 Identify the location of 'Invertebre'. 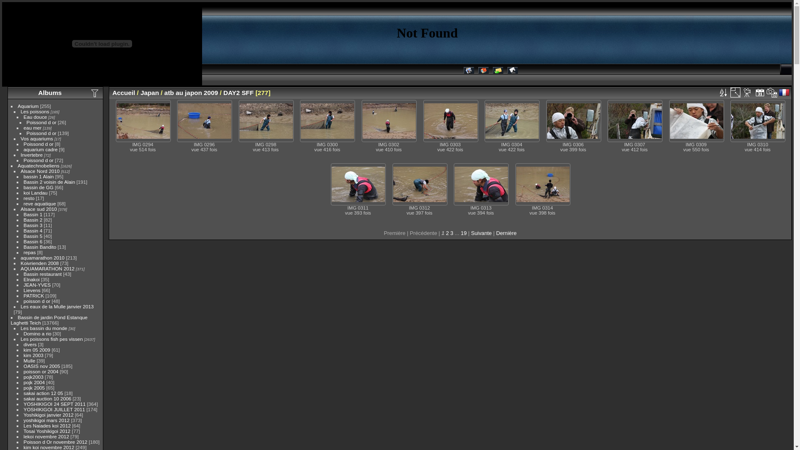
(32, 155).